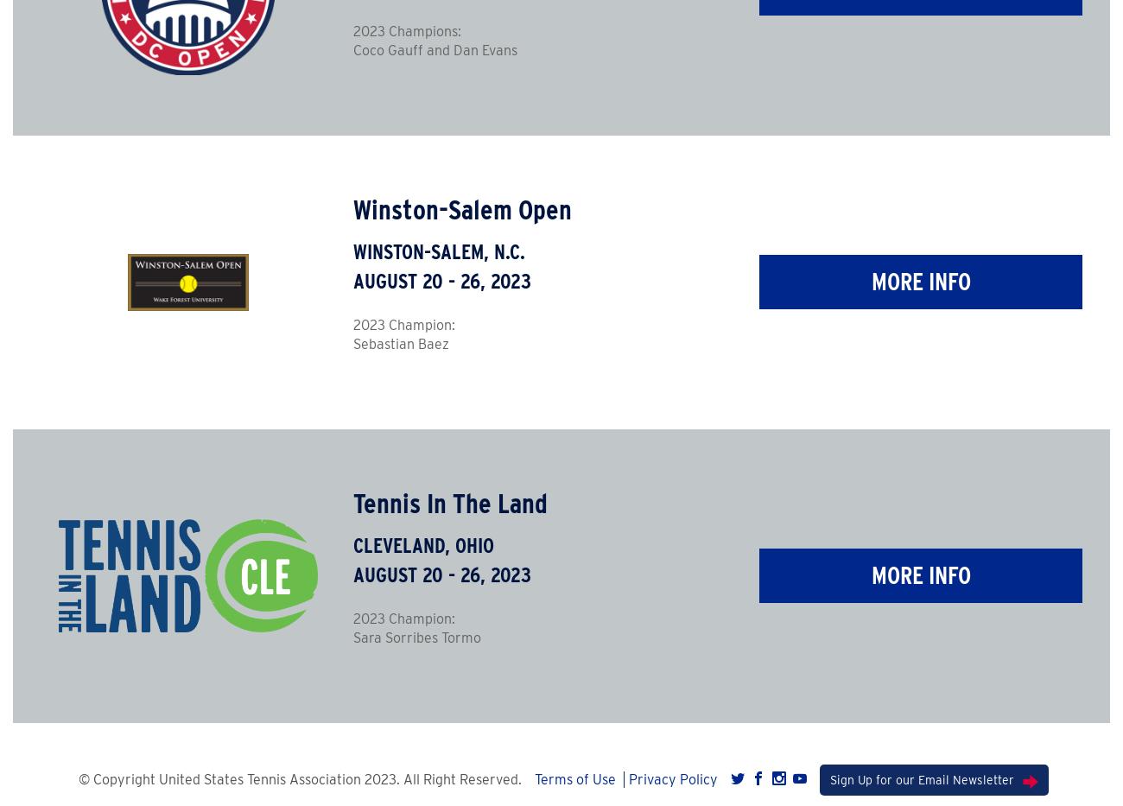 This screenshot has height=806, width=1123. I want to click on 'Terms of Use', so click(535, 778).